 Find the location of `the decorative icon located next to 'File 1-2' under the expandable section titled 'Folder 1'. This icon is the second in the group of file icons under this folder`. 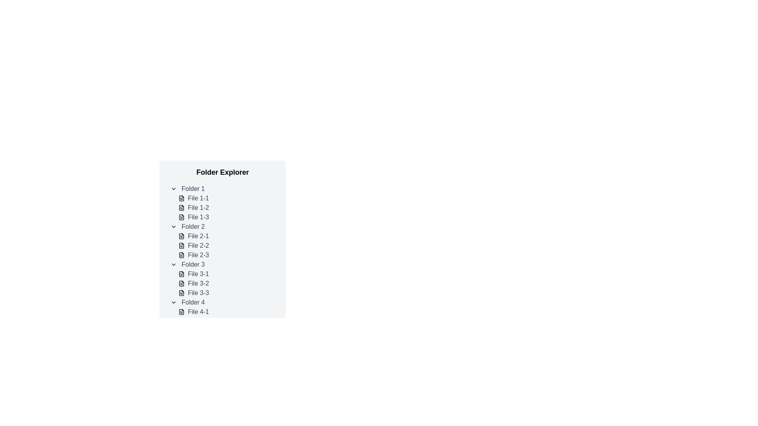

the decorative icon located next to 'File 1-2' under the expandable section titled 'Folder 1'. This icon is the second in the group of file icons under this folder is located at coordinates (181, 207).